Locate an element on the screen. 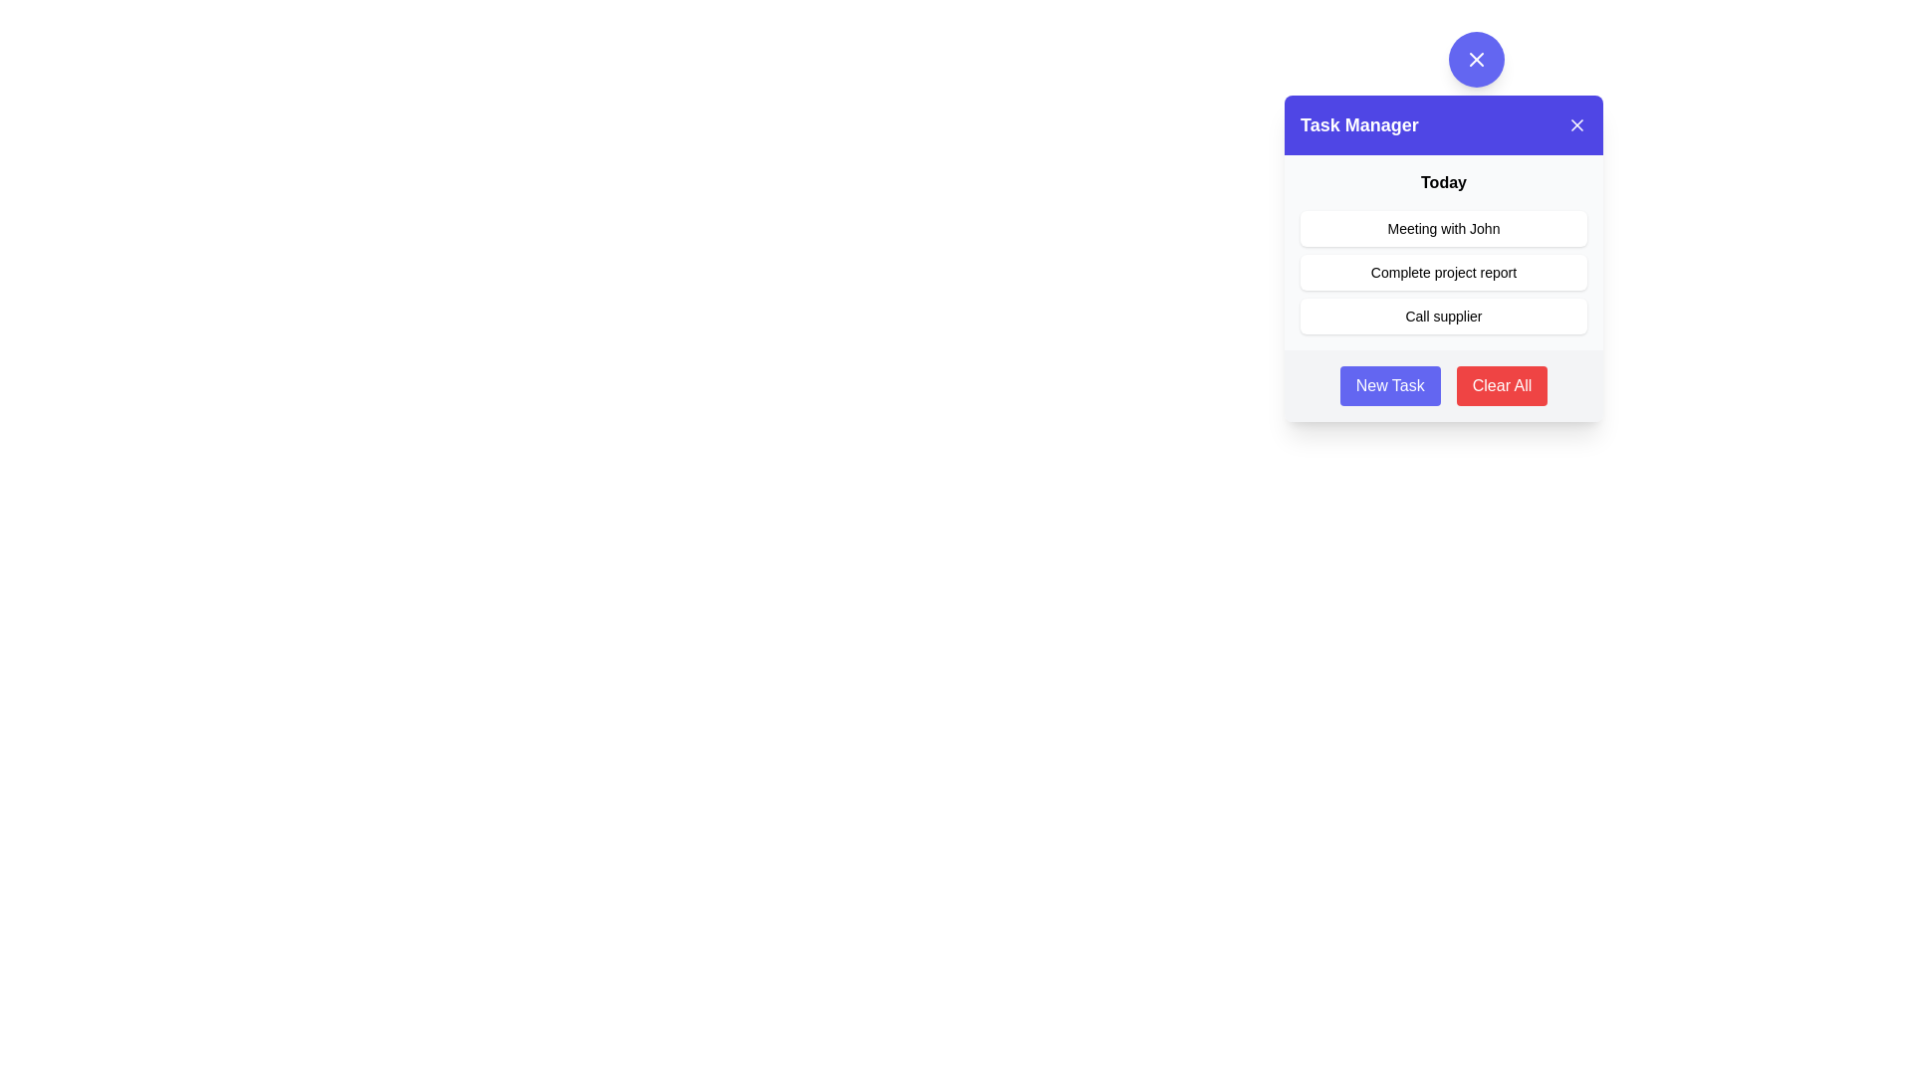 The height and width of the screenshot is (1075, 1912). the 'Create New Task' button located in the lower left corner of the 'Task Manager' panel using keyboard navigation is located at coordinates (1389, 386).